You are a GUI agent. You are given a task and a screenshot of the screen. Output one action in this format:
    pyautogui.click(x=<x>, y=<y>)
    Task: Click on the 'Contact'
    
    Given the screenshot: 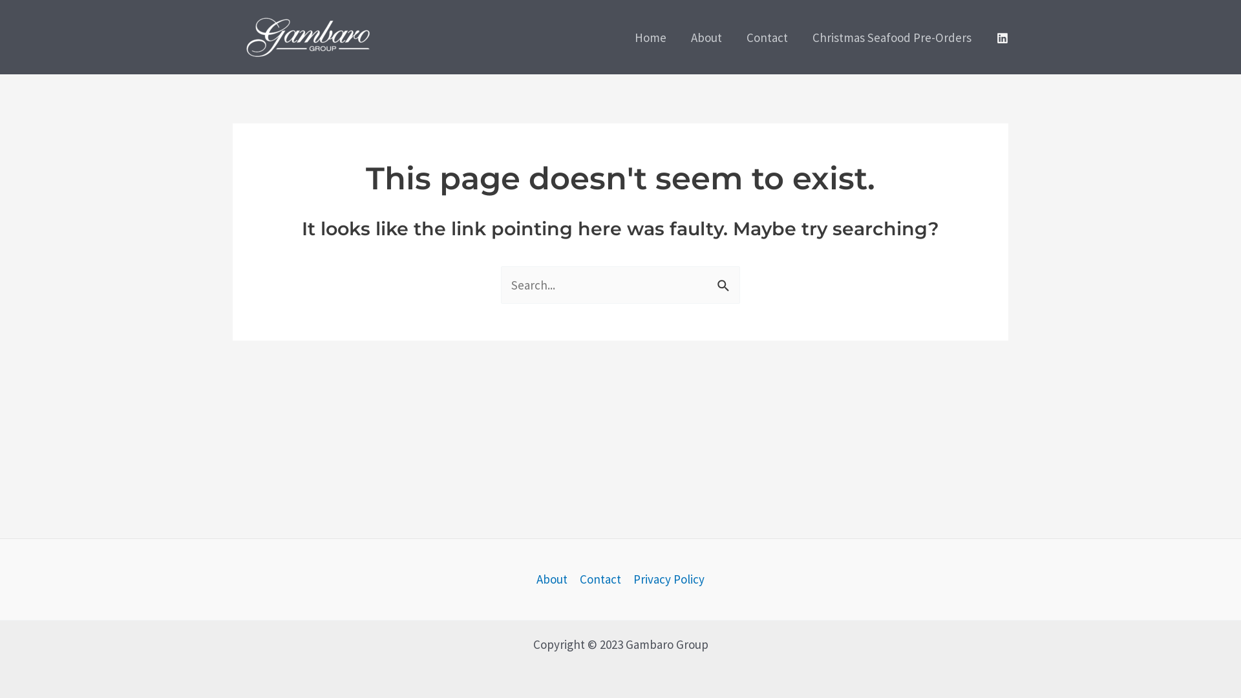 What is the action you would take?
    pyautogui.click(x=767, y=36)
    